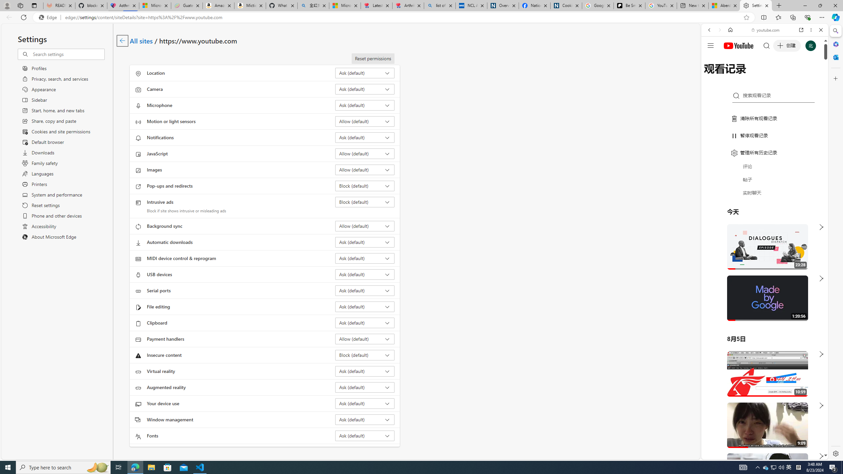 The image size is (843, 474). Describe the element at coordinates (373, 58) in the screenshot. I see `'Reset permissions'` at that location.